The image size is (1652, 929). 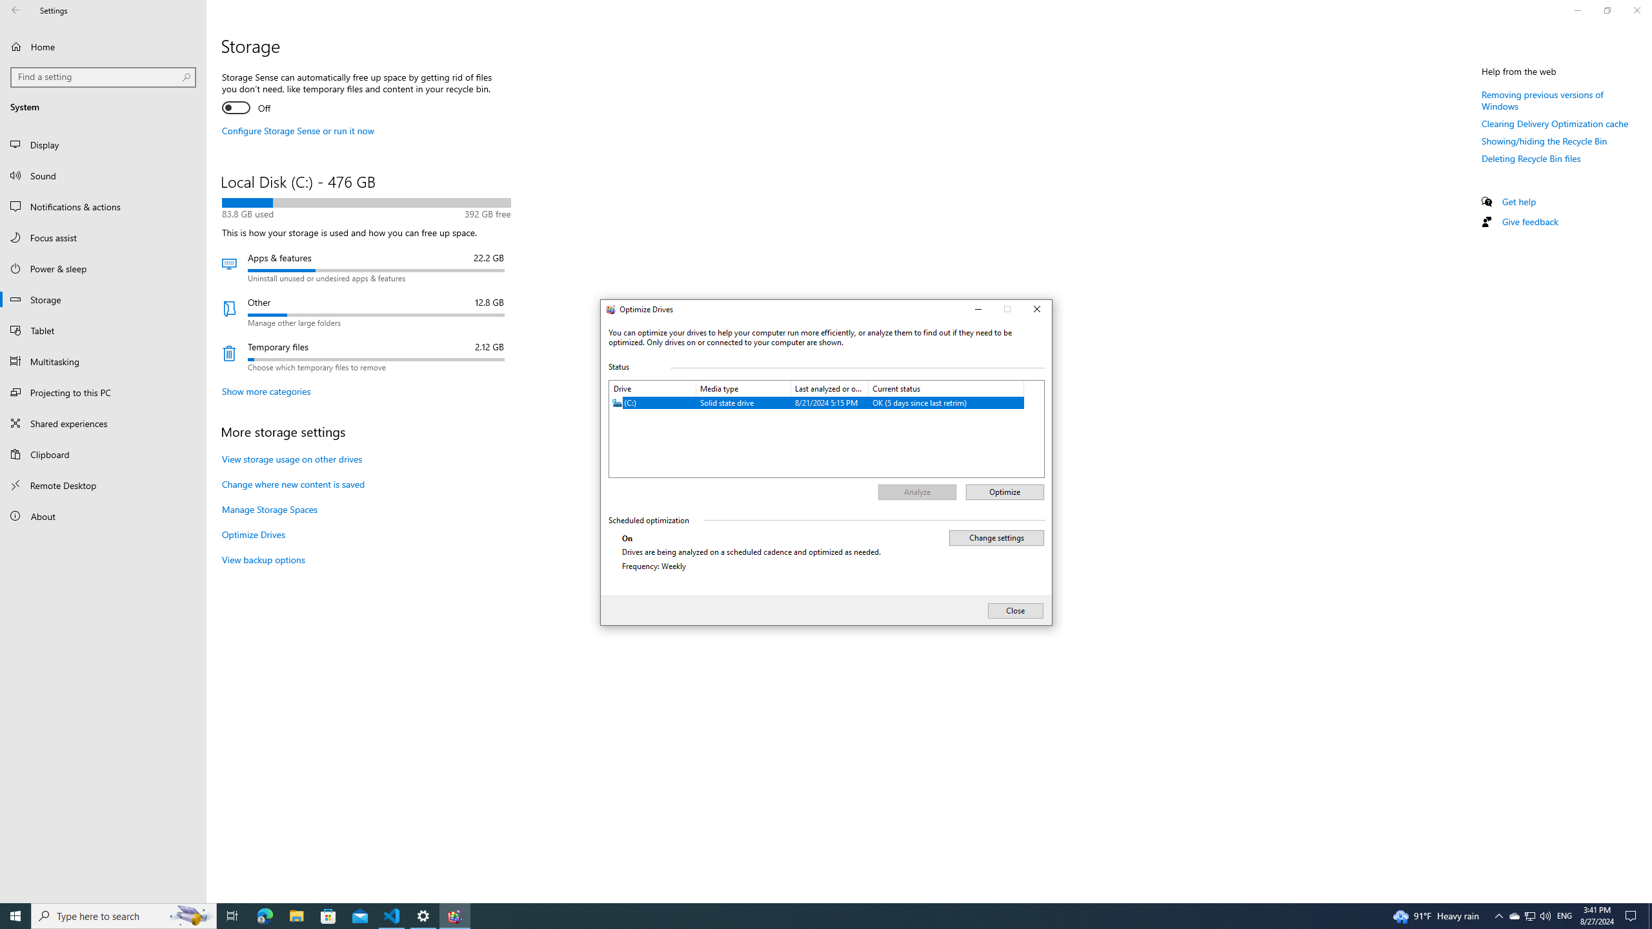 I want to click on 'Tray Input Indicator - English (United States)', so click(x=1564, y=915).